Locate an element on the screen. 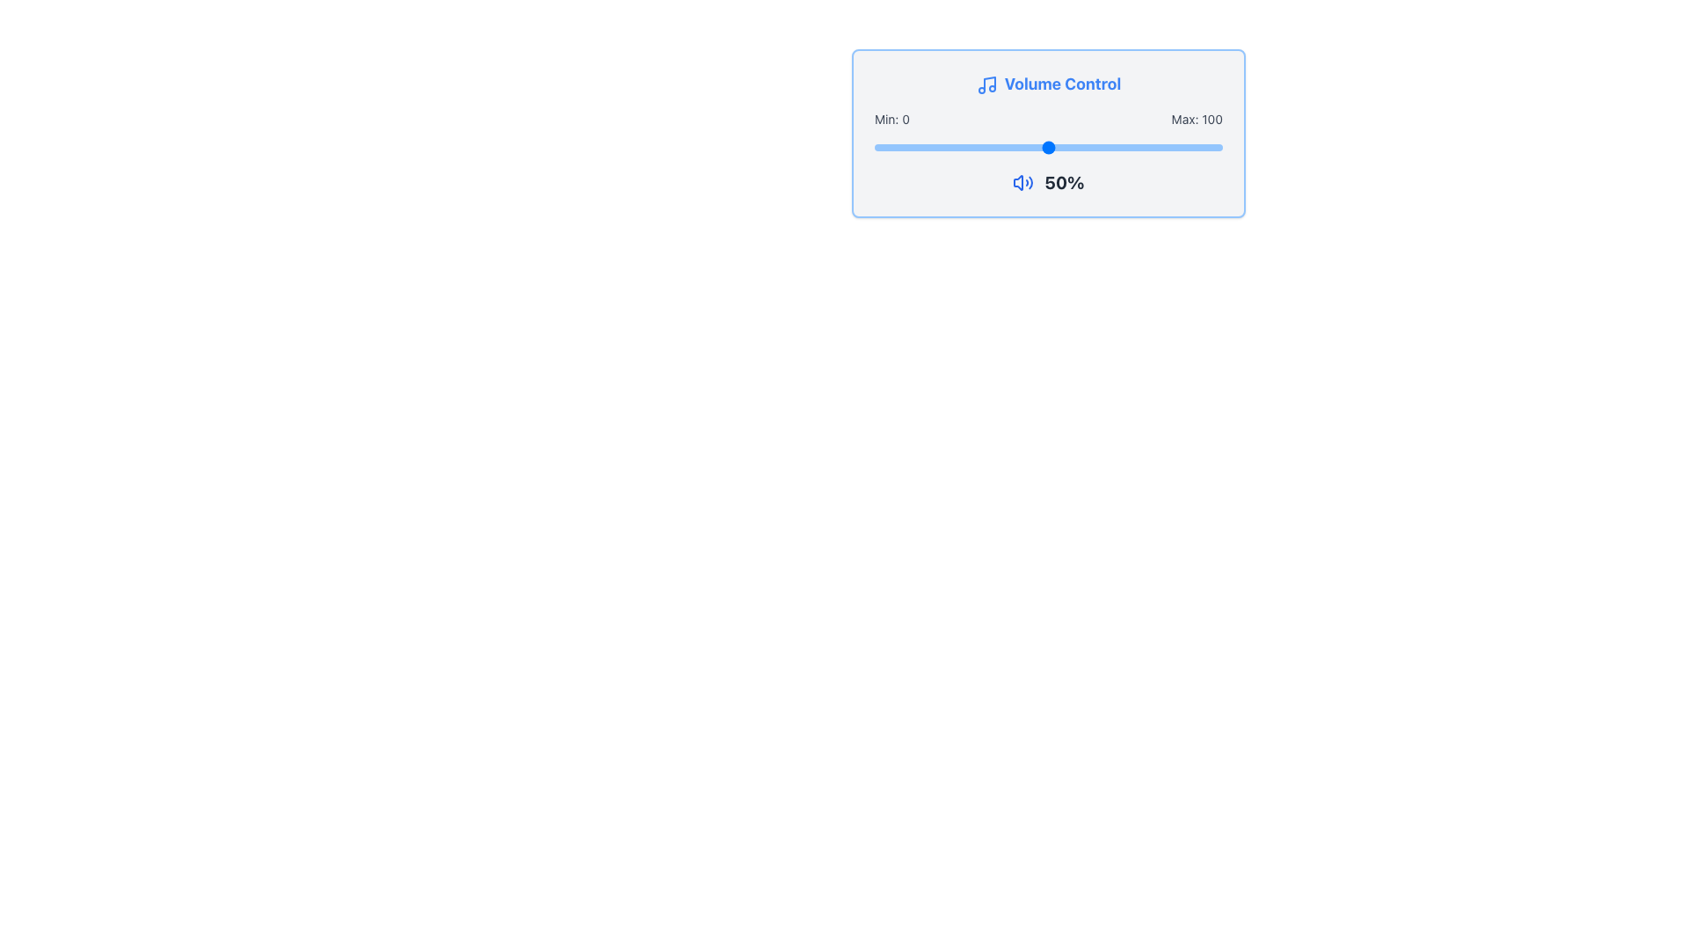 This screenshot has height=950, width=1688. the slider is located at coordinates (1117, 147).